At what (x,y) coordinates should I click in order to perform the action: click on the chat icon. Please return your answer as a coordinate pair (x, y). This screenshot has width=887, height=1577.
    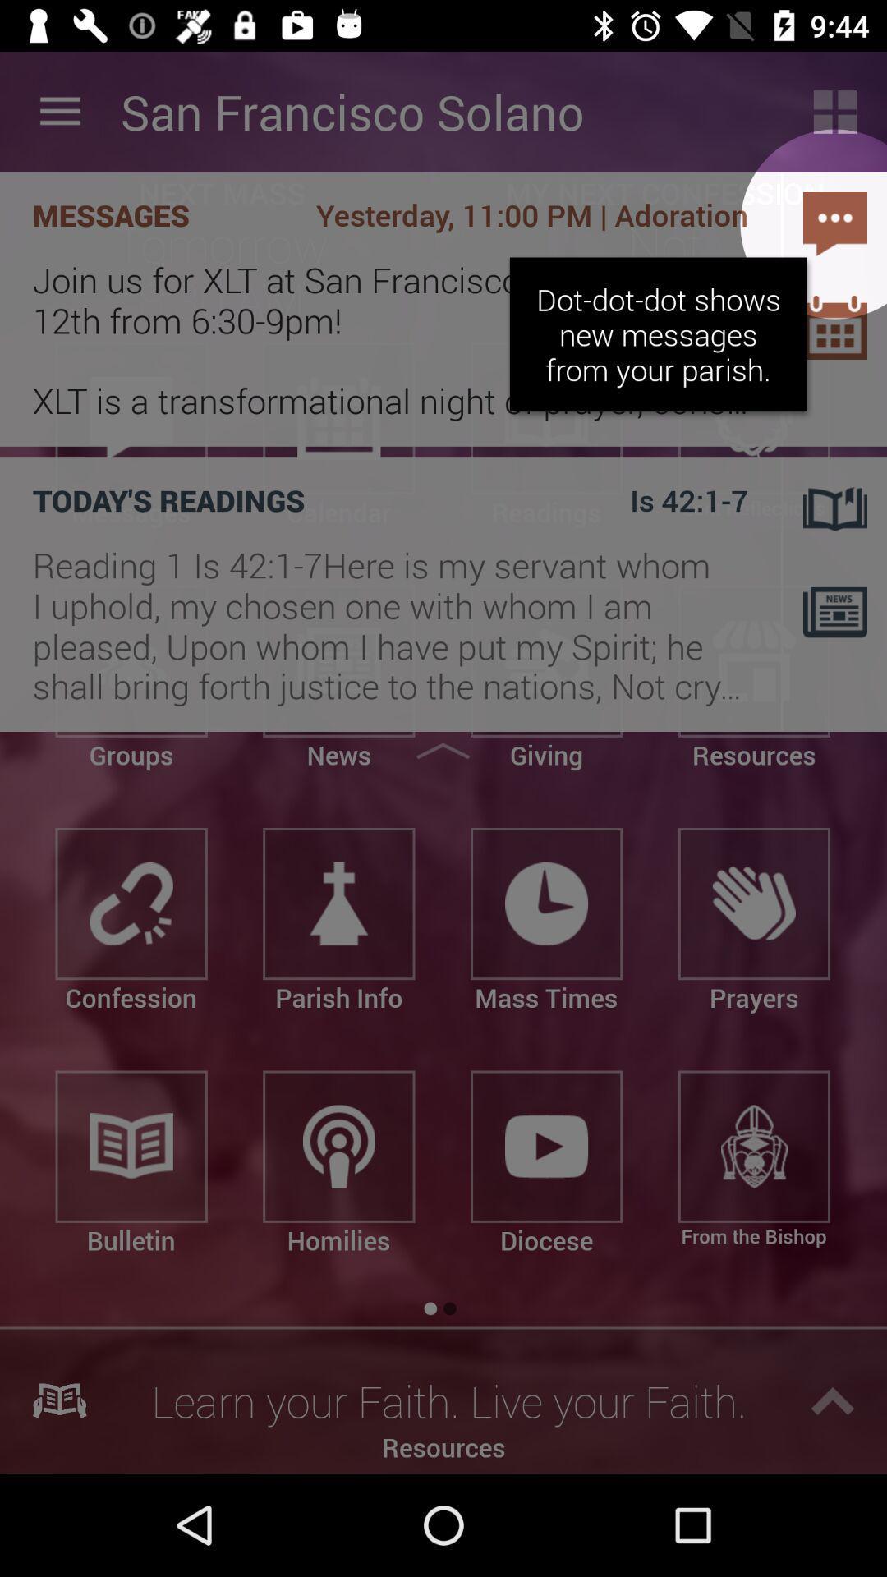
    Looking at the image, I should click on (835, 223).